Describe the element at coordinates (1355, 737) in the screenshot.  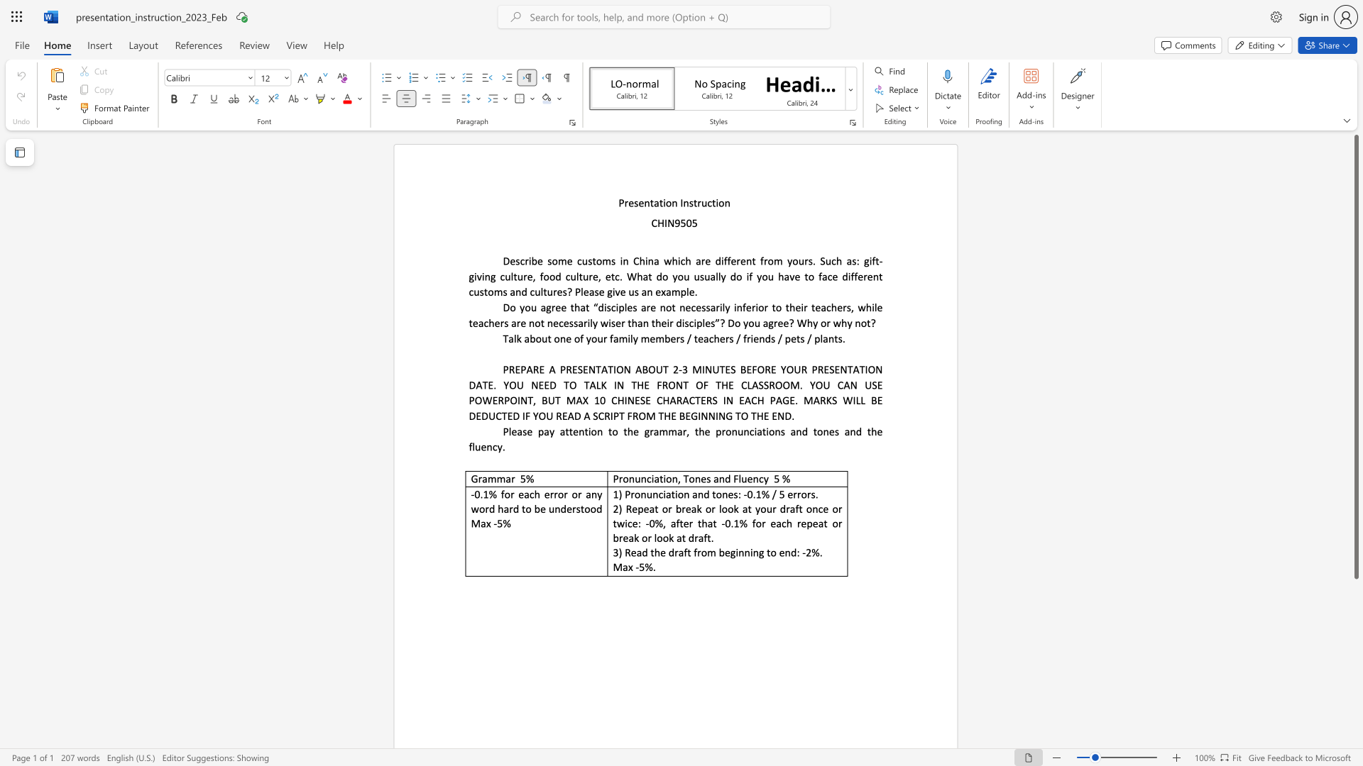
I see `the scrollbar to slide the page down` at that location.